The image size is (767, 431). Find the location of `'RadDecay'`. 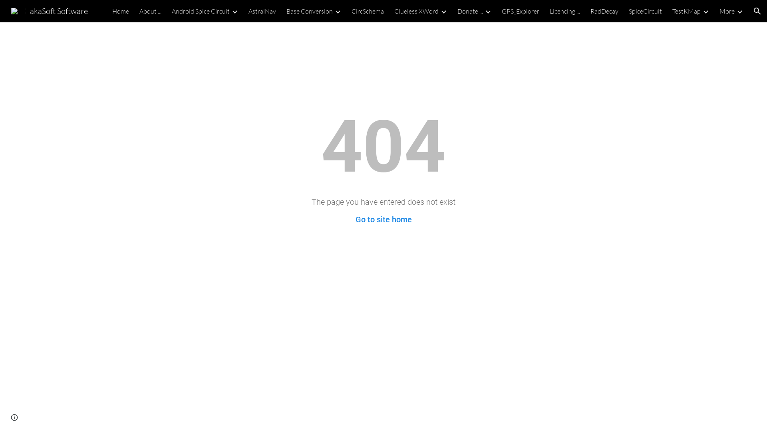

'RadDecay' is located at coordinates (604, 11).